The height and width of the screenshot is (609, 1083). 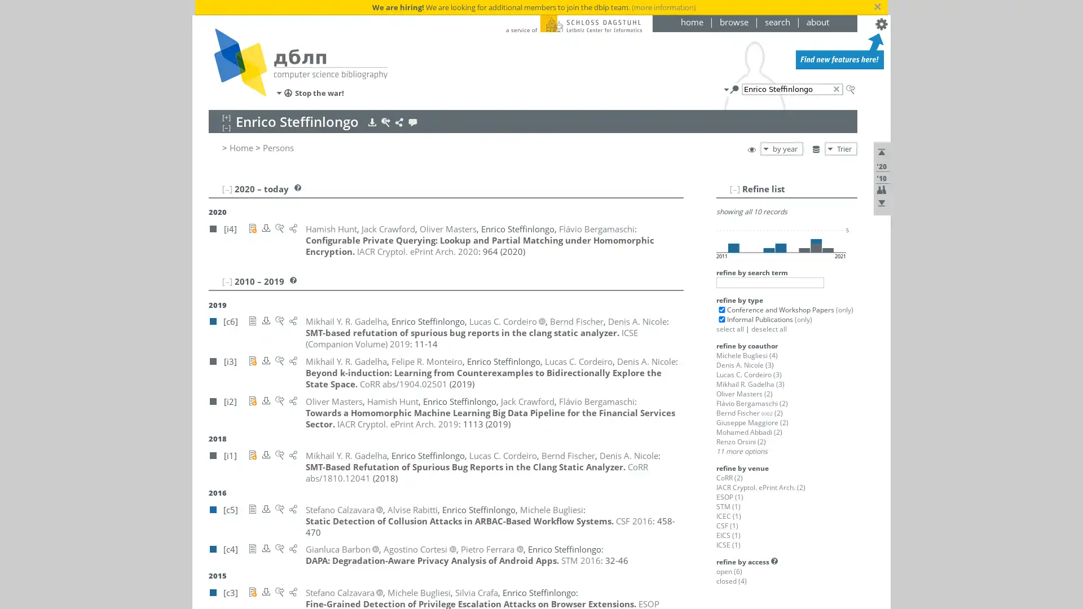 I want to click on ICSE (1), so click(x=728, y=544).